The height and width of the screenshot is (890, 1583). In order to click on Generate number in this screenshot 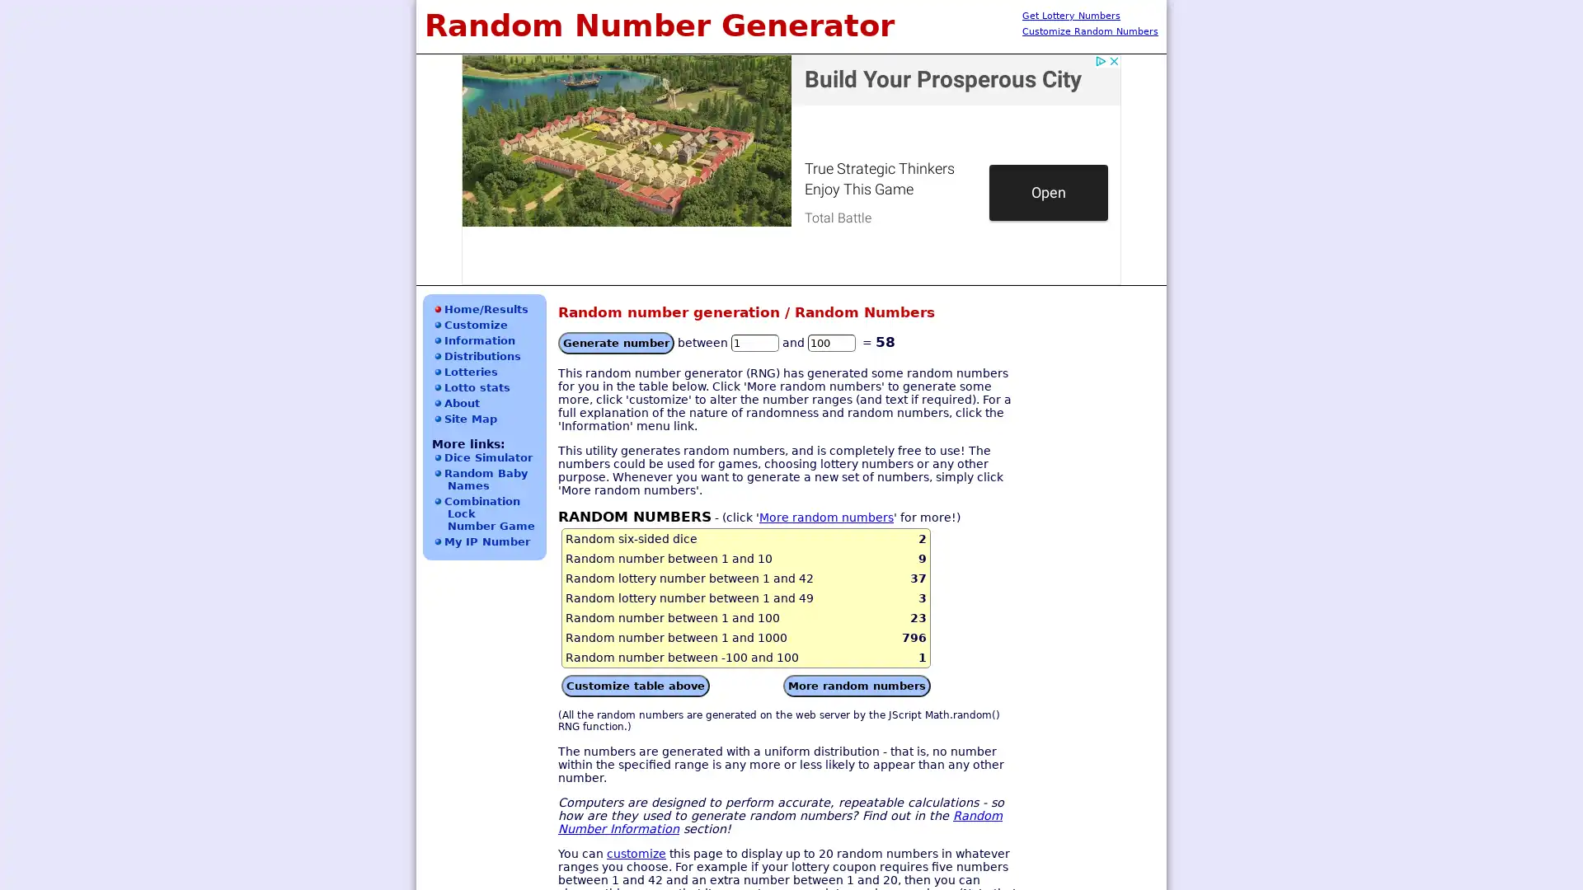, I will do `click(615, 342)`.